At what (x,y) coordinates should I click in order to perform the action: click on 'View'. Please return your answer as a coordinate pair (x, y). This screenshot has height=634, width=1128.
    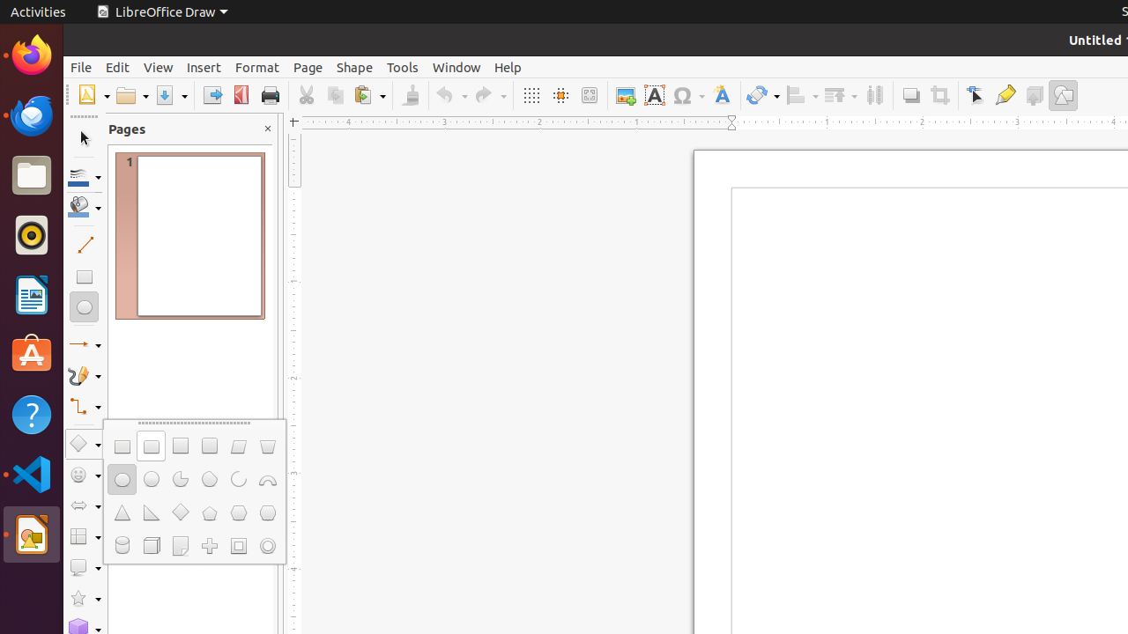
    Looking at the image, I should click on (158, 66).